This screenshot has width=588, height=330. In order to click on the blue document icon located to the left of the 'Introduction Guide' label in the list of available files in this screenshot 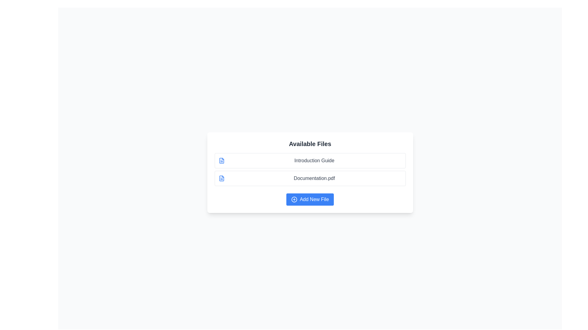, I will do `click(221, 160)`.